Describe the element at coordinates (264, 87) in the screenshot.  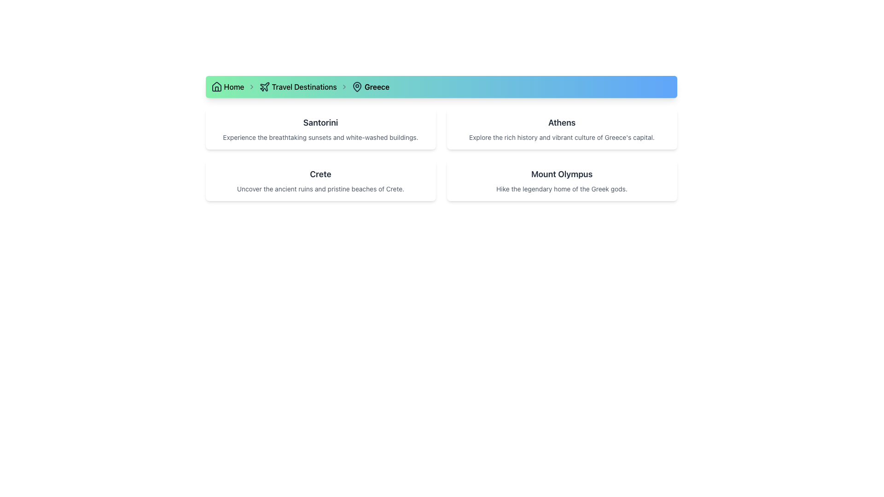
I see `the 'Travel Destinations' icon in the breadcrumb navigation bar` at that location.